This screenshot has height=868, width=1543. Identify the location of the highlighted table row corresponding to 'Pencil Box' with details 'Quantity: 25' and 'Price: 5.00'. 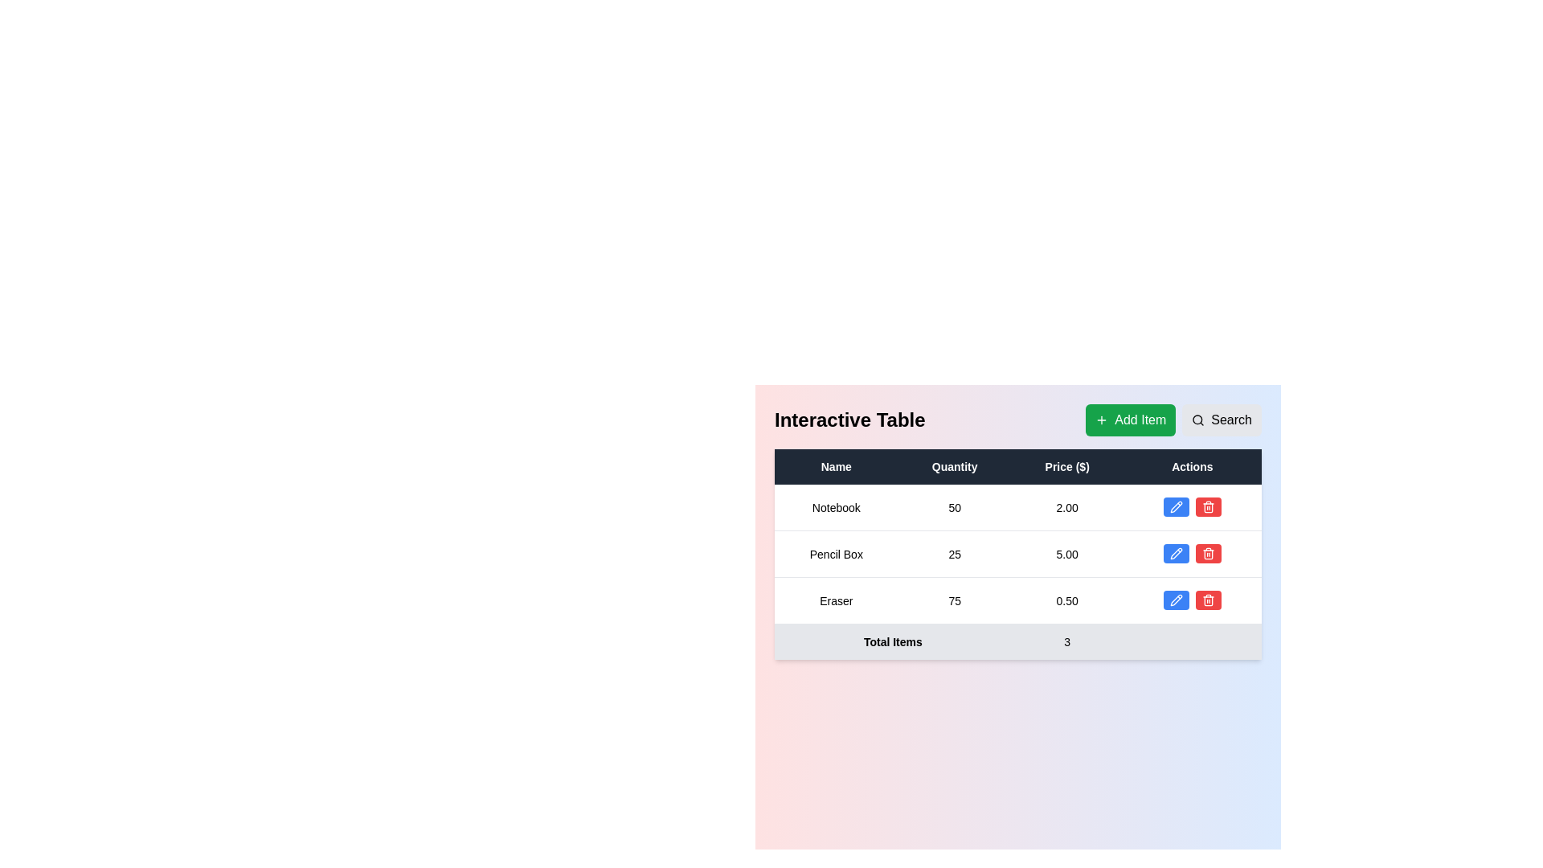
(1017, 553).